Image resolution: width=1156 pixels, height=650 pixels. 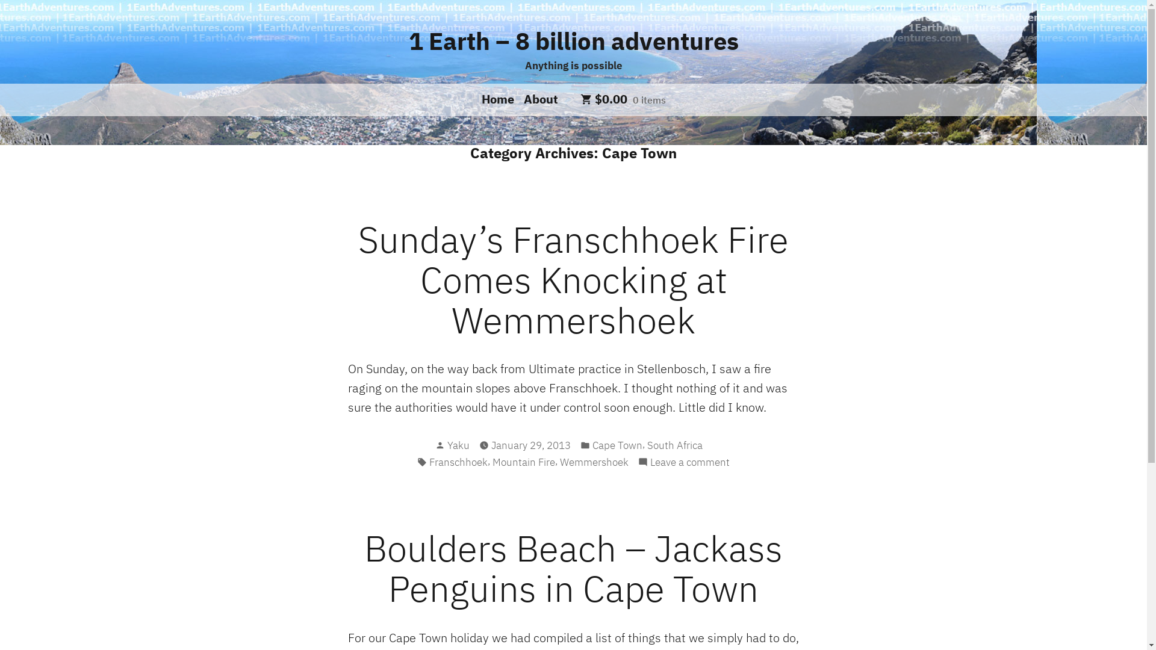 I want to click on '$0.00 0 items', so click(x=623, y=99).